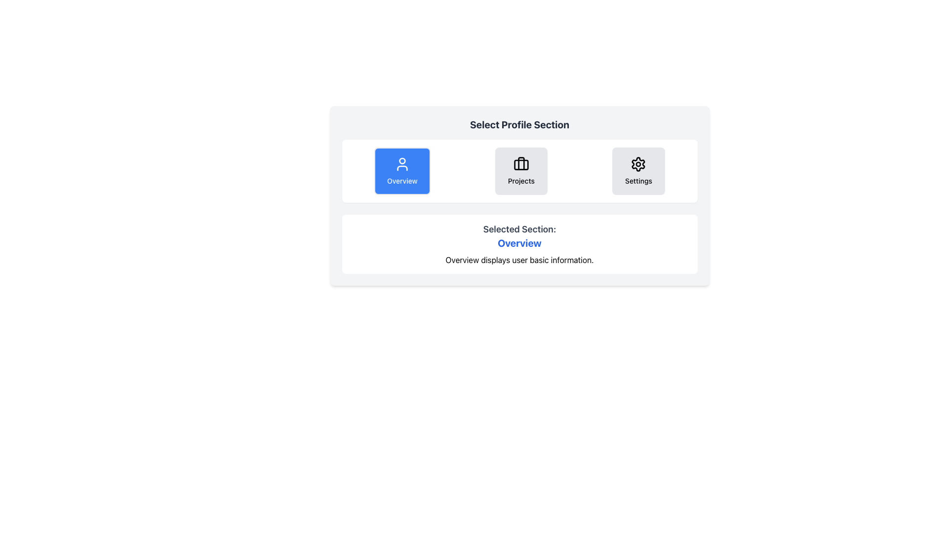 Image resolution: width=948 pixels, height=533 pixels. What do you see at coordinates (638, 163) in the screenshot?
I see `the gear-shaped icon located to the right of the 'Projects' icon in the profile section` at bounding box center [638, 163].